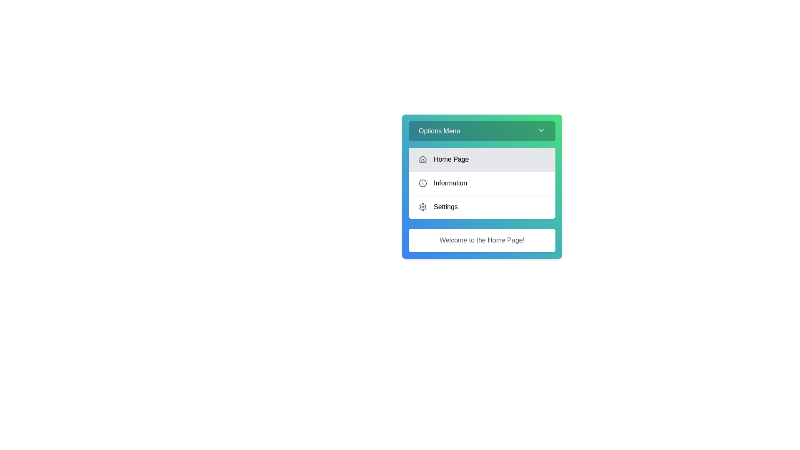 The height and width of the screenshot is (450, 800). I want to click on the small gray house icon with a minimalist line-art design located to the left of the 'Home Page' text in the first item of the 'Options Menu', so click(422, 159).